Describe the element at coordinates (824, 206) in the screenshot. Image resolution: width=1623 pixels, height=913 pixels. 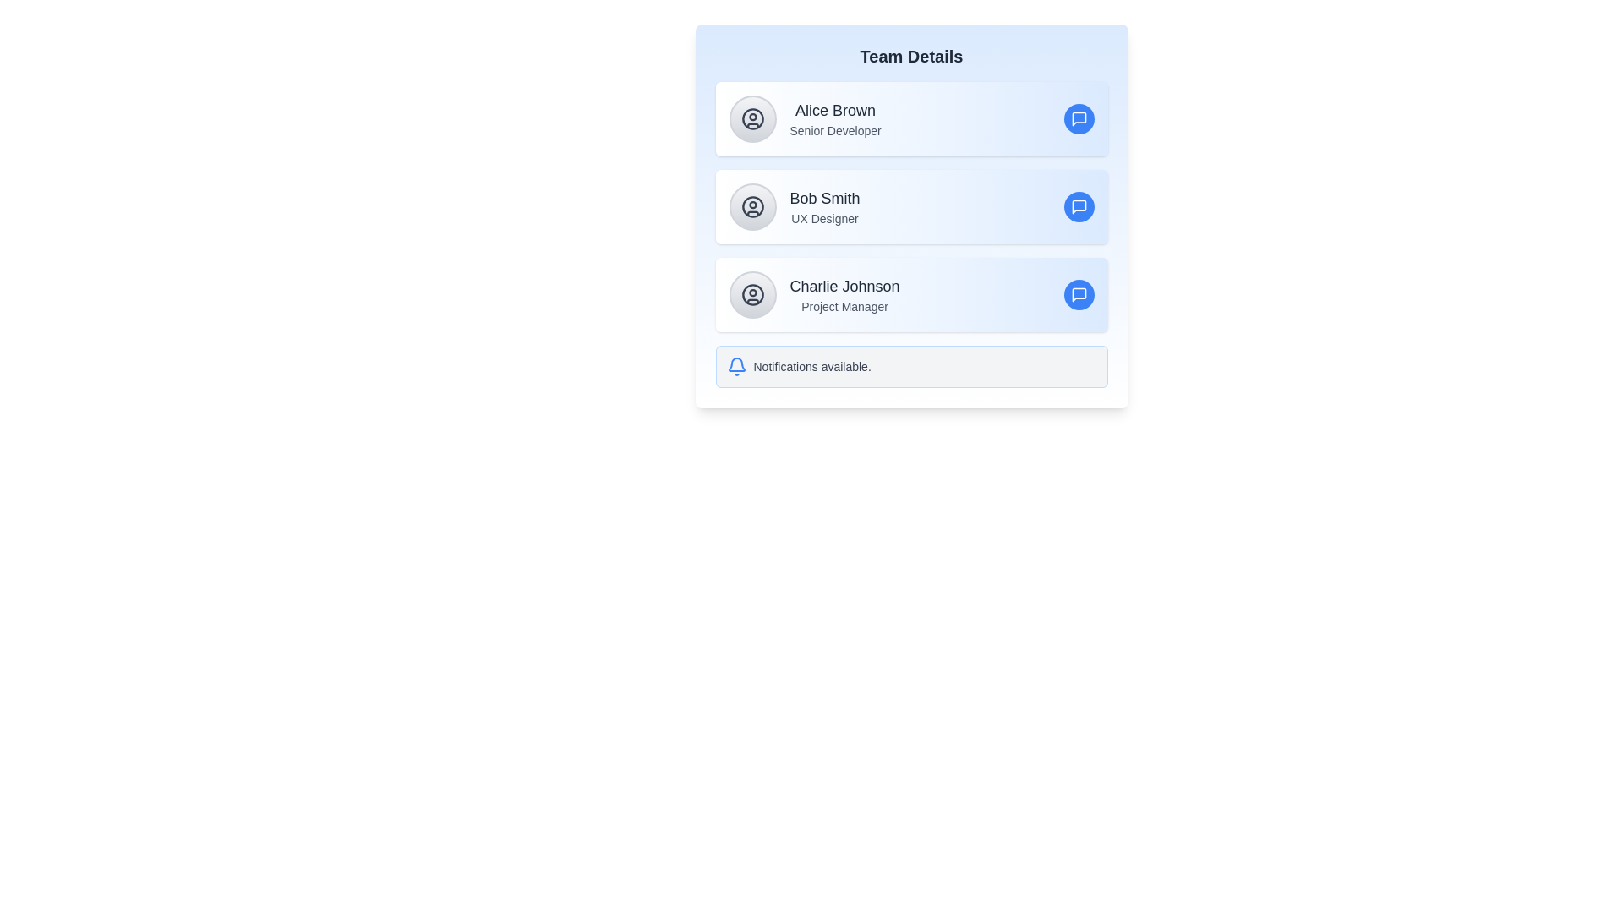
I see `the text label displaying the name and job title of a team member, which is the second entry in the team member list, centrally located within its card, to the right of the user avatar icon and above the messaging icon` at that location.